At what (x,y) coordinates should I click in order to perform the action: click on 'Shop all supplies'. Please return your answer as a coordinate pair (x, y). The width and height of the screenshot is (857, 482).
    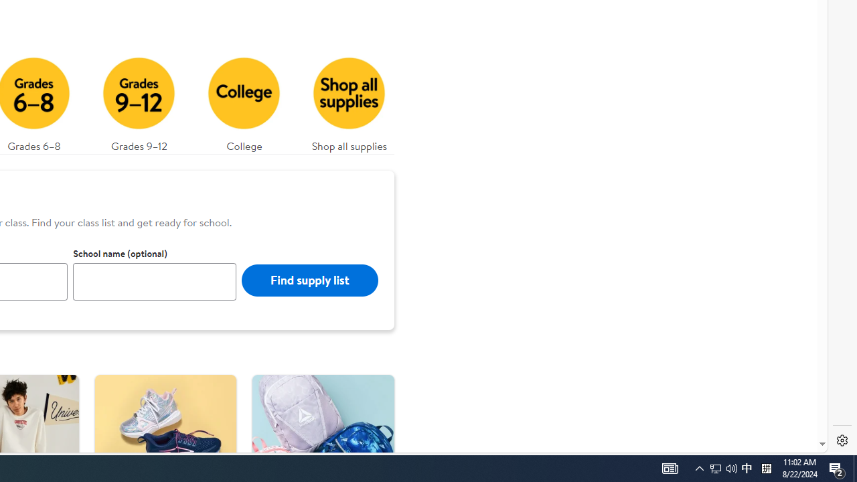
    Looking at the image, I should click on (349, 100).